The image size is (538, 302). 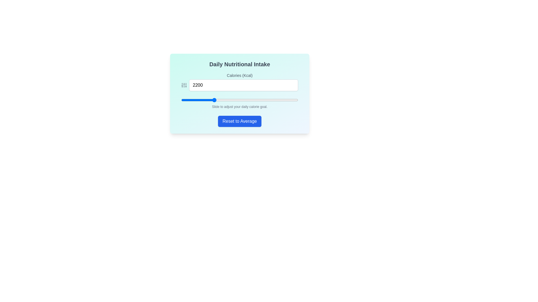 I want to click on the calorie goal, so click(x=252, y=100).